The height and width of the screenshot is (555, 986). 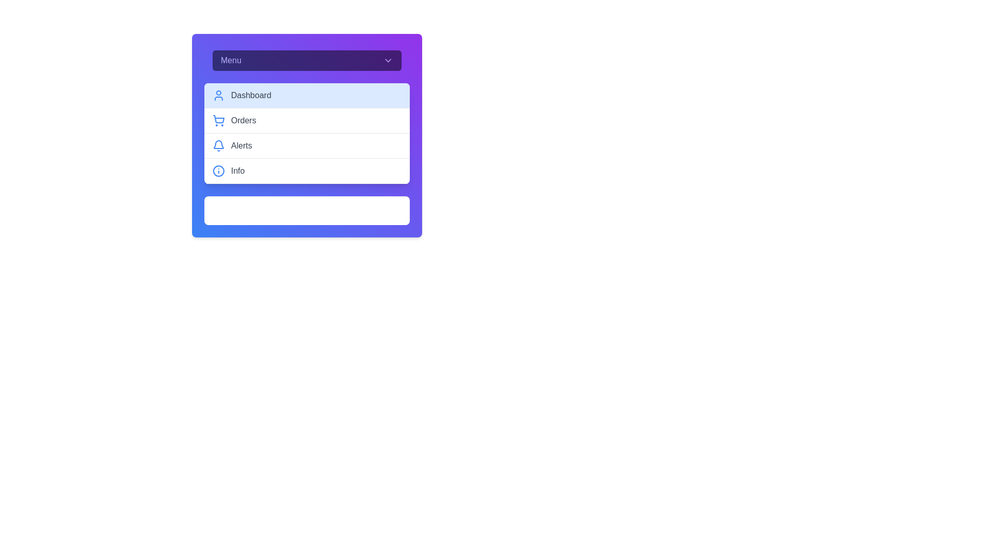 I want to click on the third menu item labeled 'Alerts', so click(x=307, y=135).